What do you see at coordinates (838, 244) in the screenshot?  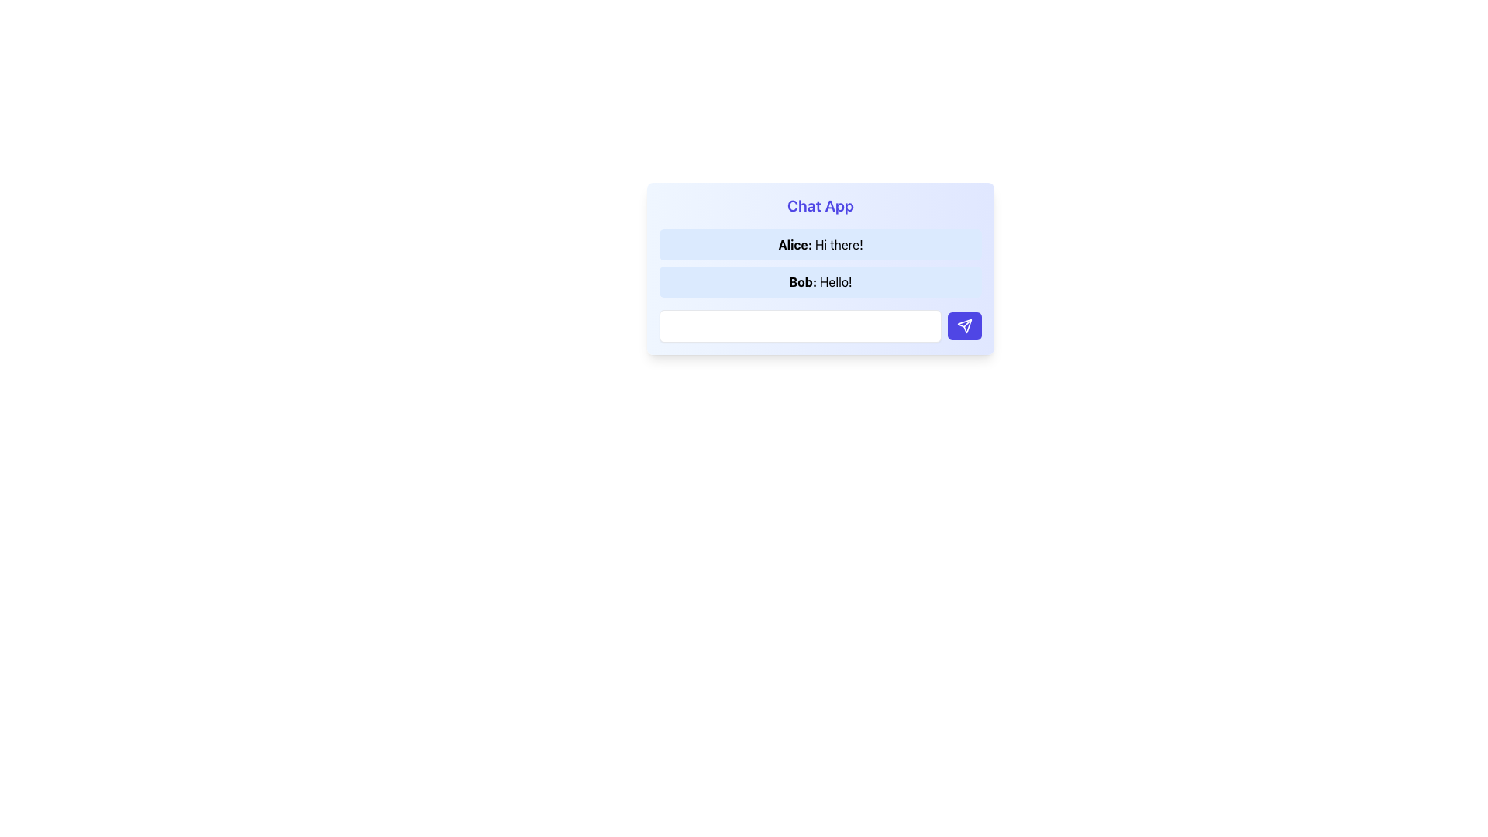 I see `text component displaying 'Hi there!' in black font located in the chat interface adjacent to the name 'Alice:' in bold font` at bounding box center [838, 244].